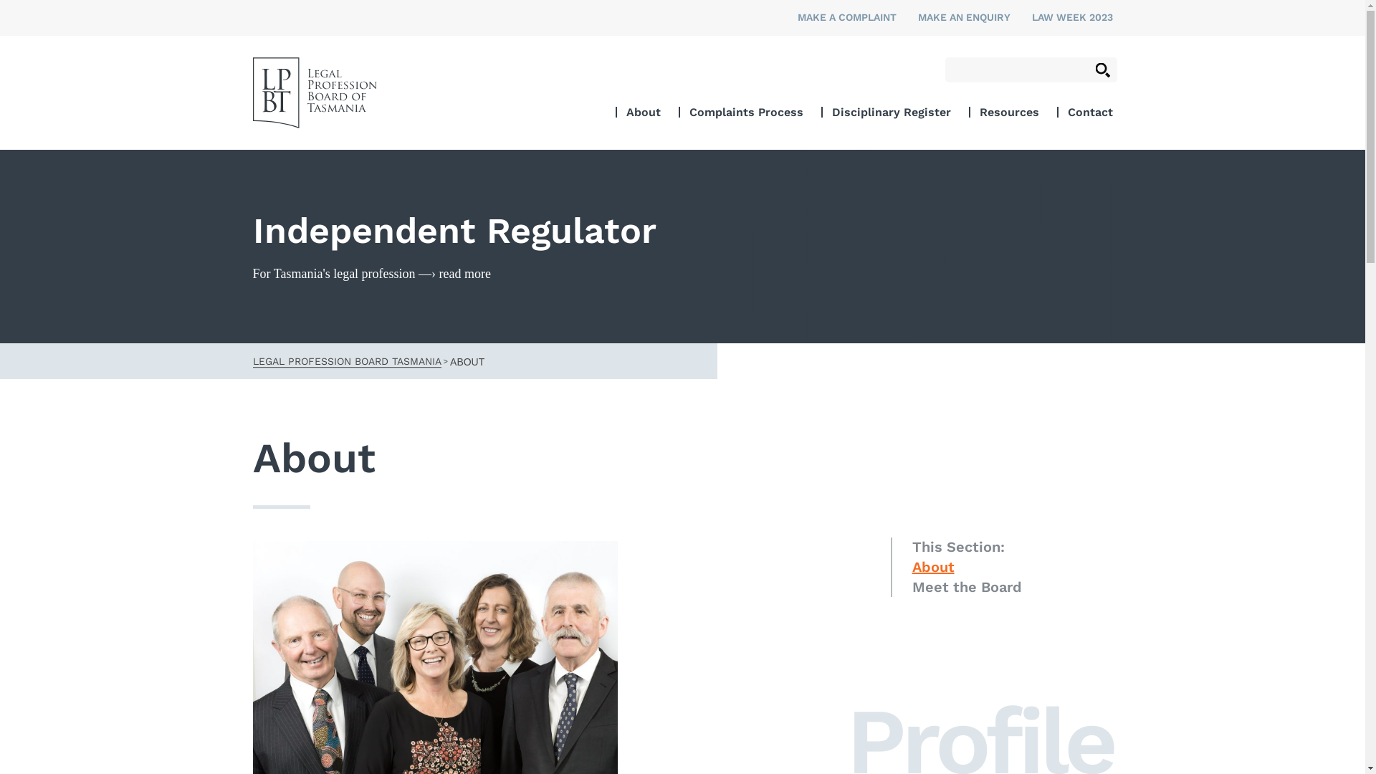  I want to click on 'Meet the Board', so click(911, 586).